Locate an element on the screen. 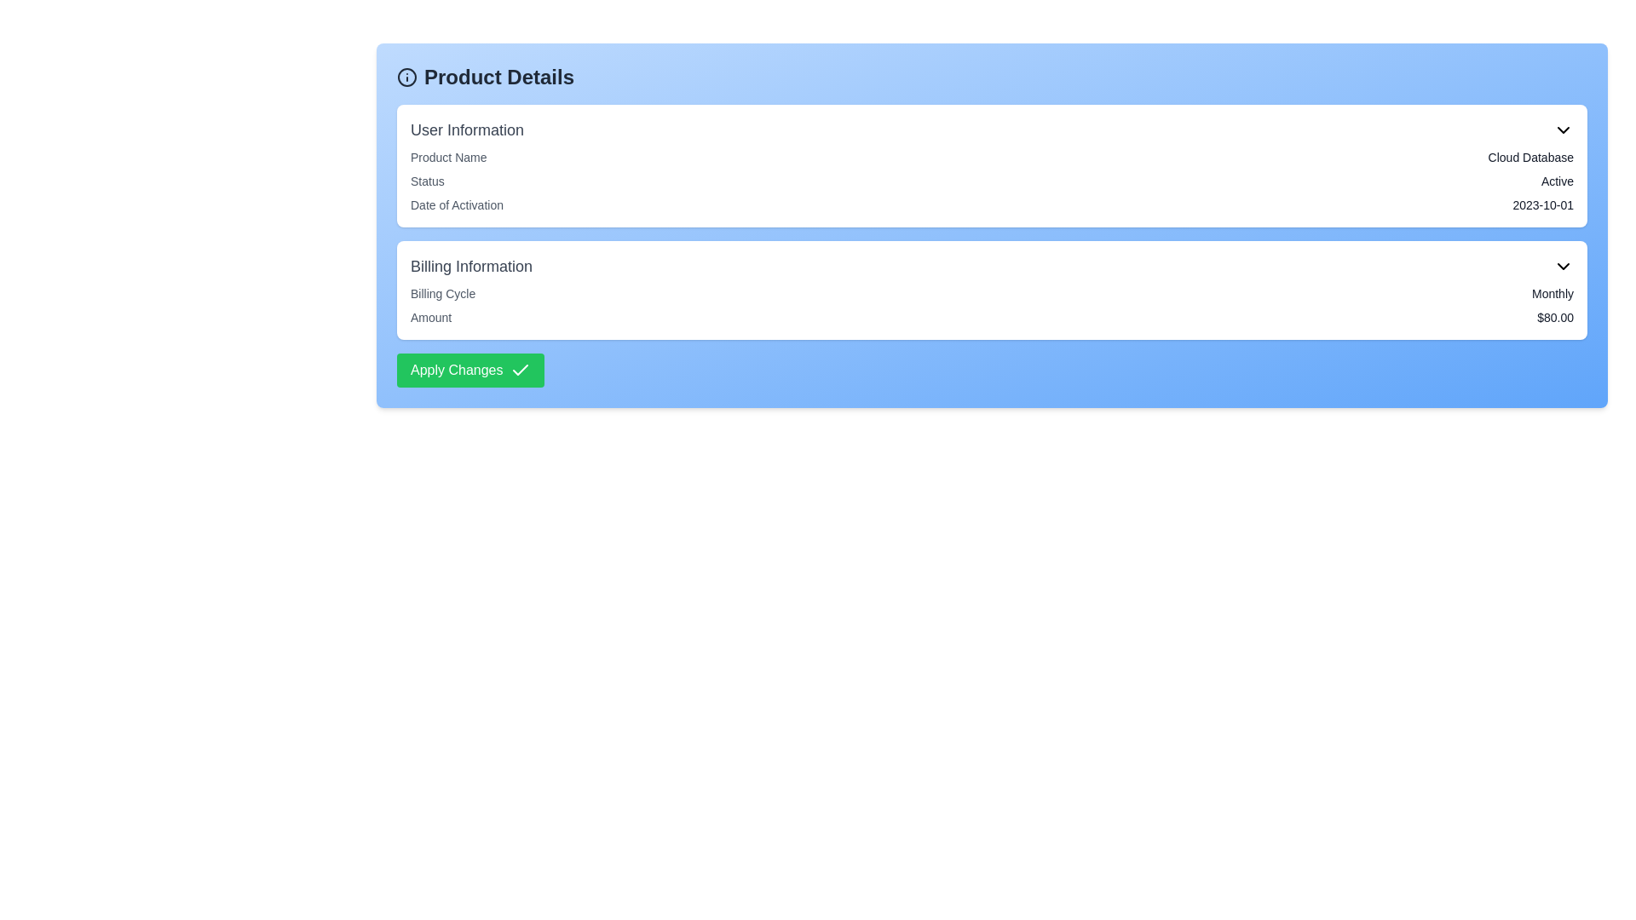 The image size is (1636, 920). the Text Label that indicates the type or category of the following text in the 'User Information' section, located at the top-left corner before the 'Cloud Database' text is located at coordinates (448, 158).